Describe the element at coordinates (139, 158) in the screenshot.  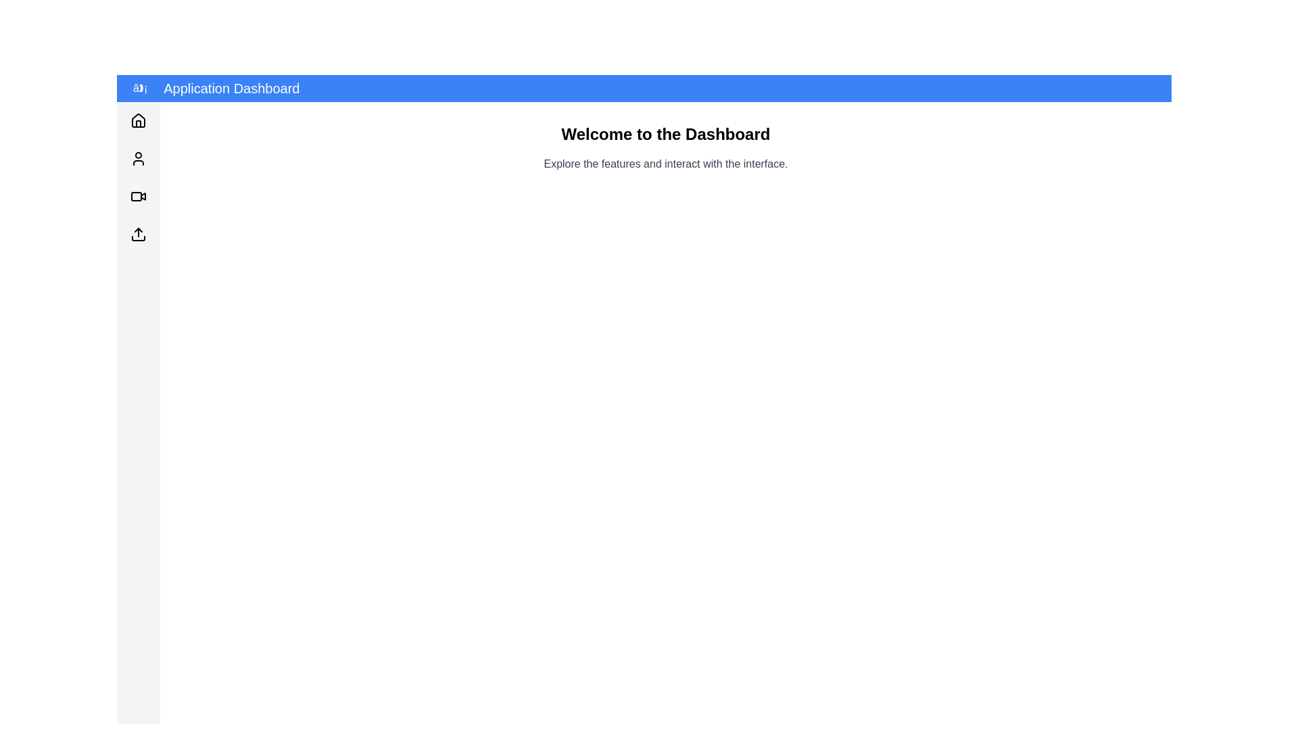
I see `the user profile SVG icon located in the second position from the top of the sidebar` at that location.